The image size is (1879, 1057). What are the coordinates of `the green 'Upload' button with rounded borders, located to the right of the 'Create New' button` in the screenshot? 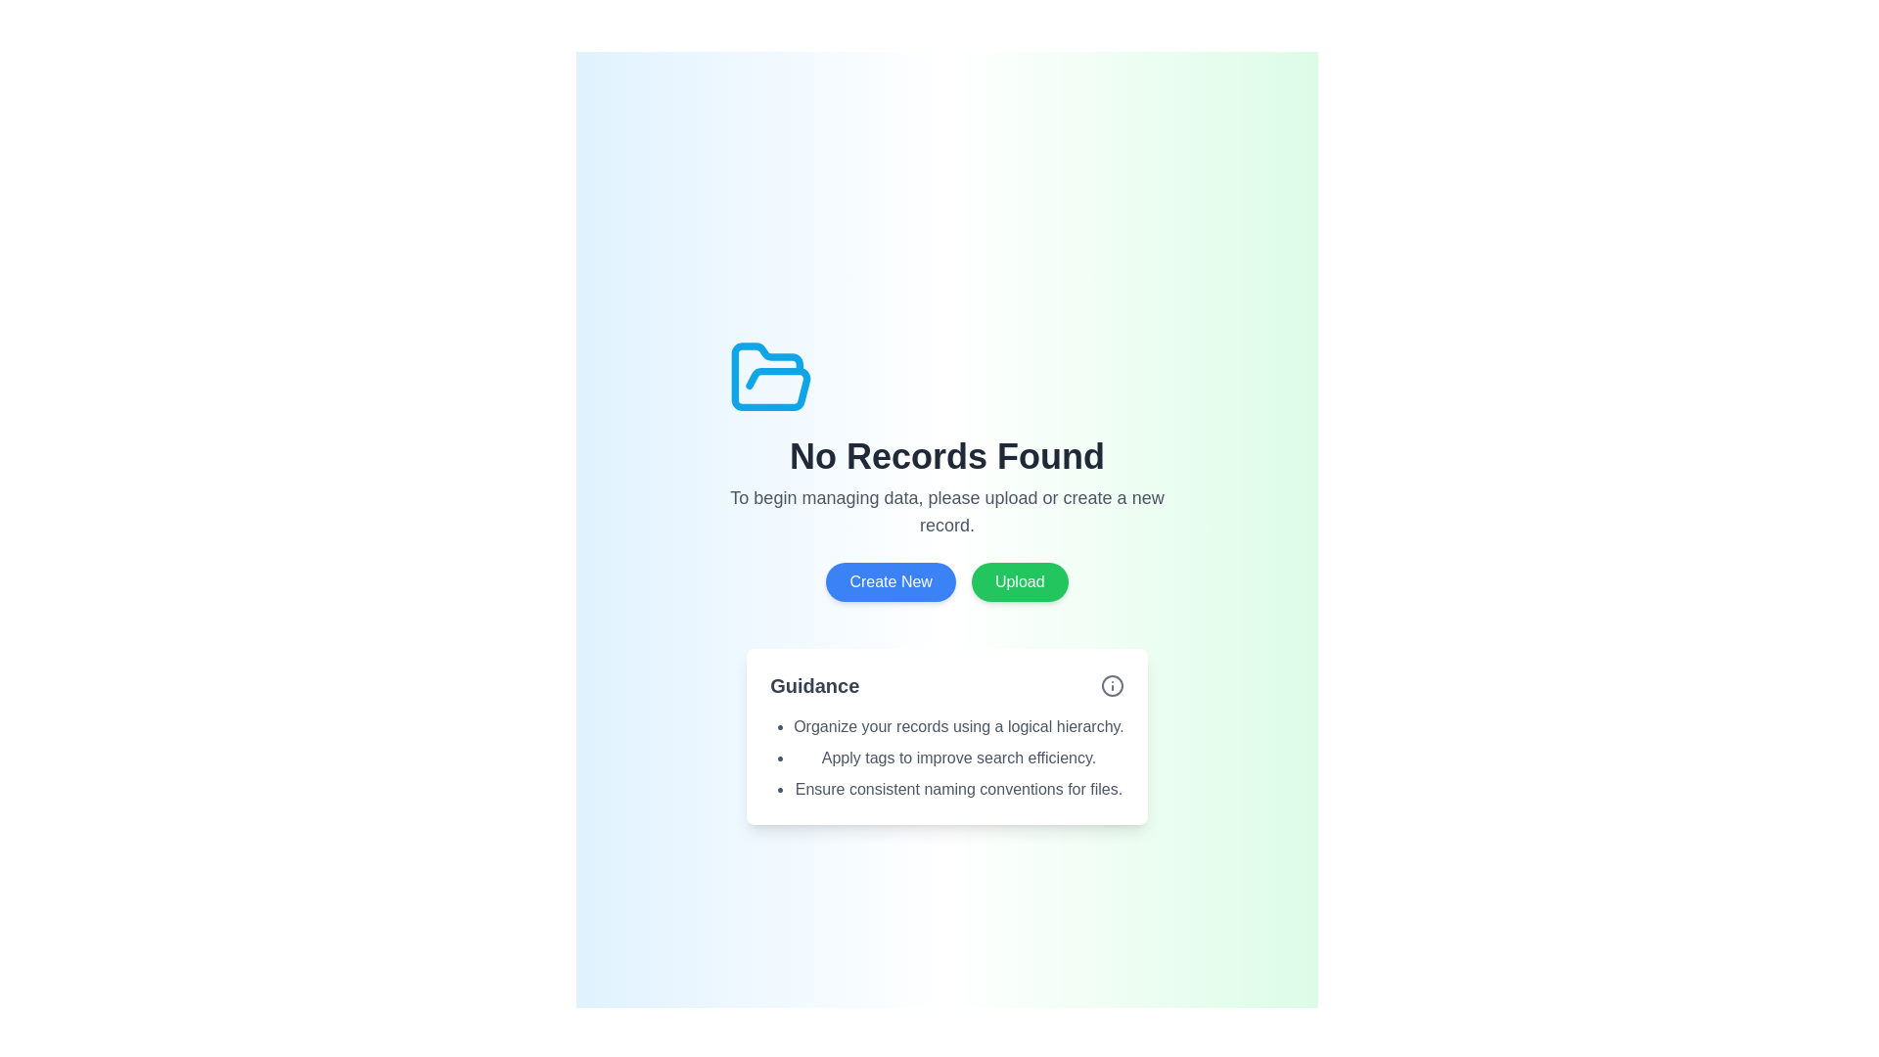 It's located at (1019, 580).